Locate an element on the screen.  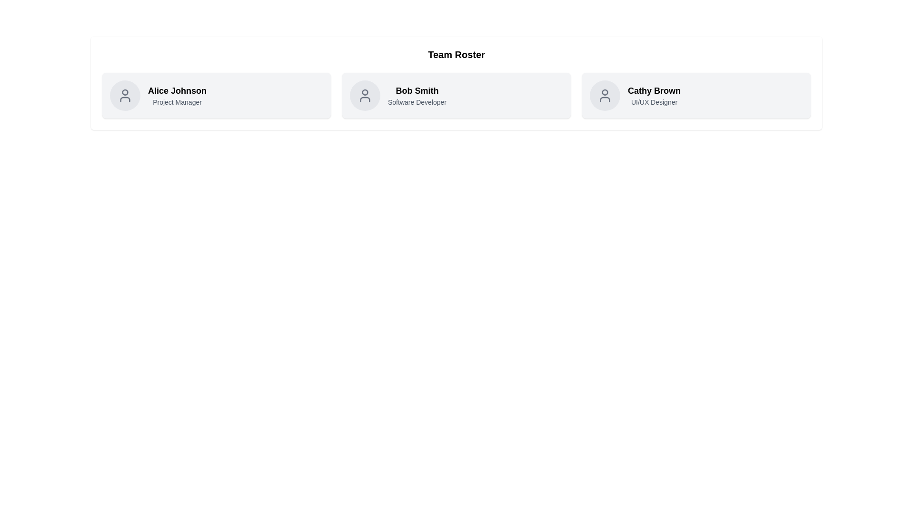
the graphical icon representing a generic user or profile picture placeholder located above the name 'Bob Smith' in the 'Team Roster' layout is located at coordinates (365, 95).